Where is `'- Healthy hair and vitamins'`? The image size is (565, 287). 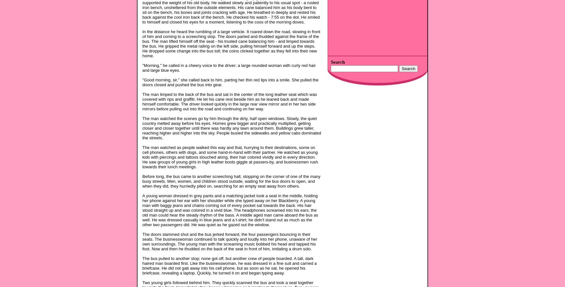
'- Healthy hair and vitamins' is located at coordinates (330, 95).